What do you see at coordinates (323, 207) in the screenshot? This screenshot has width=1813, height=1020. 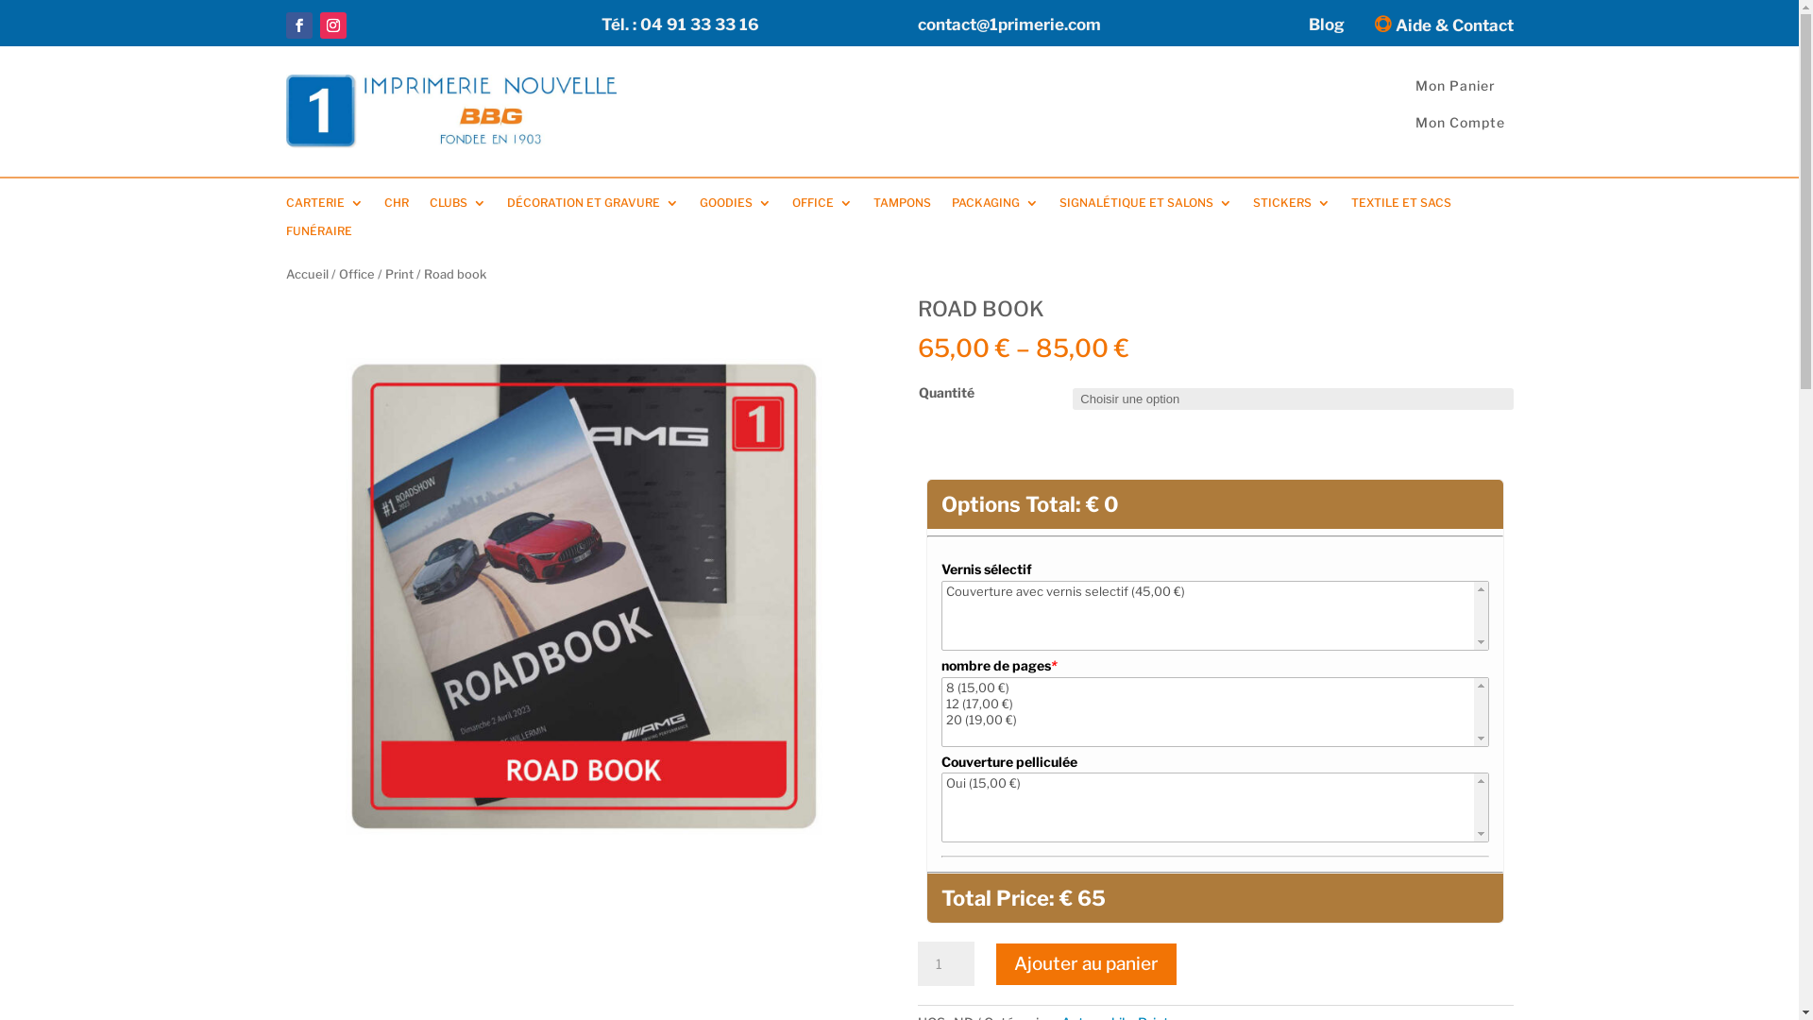 I see `'CARTERIE'` at bounding box center [323, 207].